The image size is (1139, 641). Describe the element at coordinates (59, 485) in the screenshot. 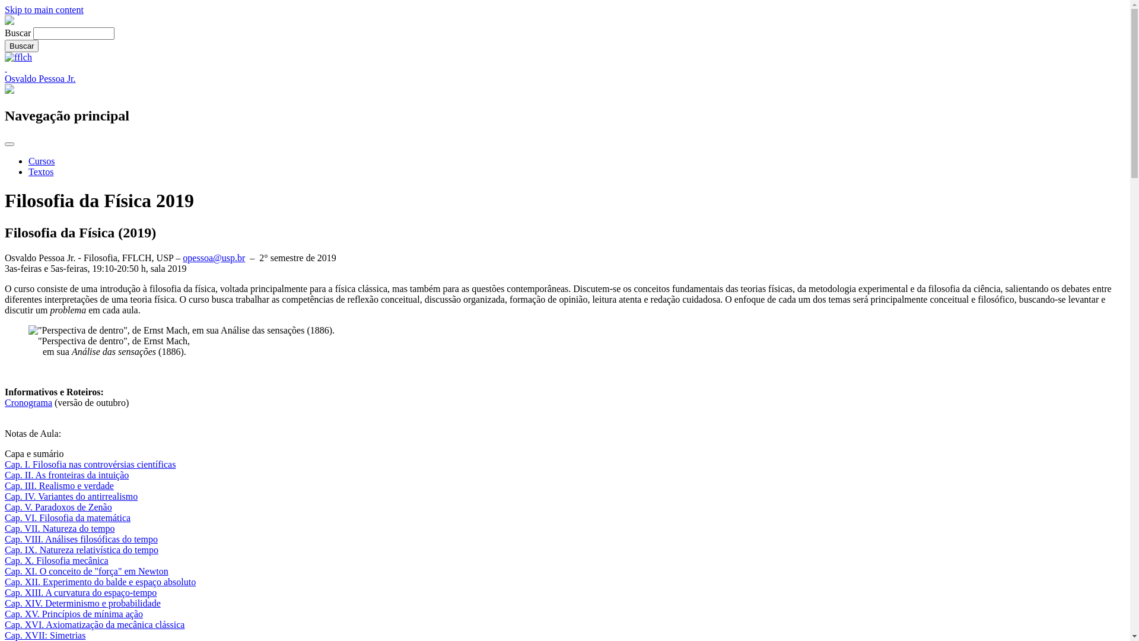

I see `'Cap. III. Realismo e verdade'` at that location.